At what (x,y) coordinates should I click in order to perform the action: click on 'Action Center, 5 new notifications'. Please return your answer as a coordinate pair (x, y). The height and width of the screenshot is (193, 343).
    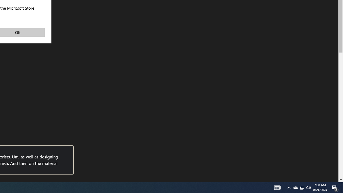
    Looking at the image, I should click on (335, 187).